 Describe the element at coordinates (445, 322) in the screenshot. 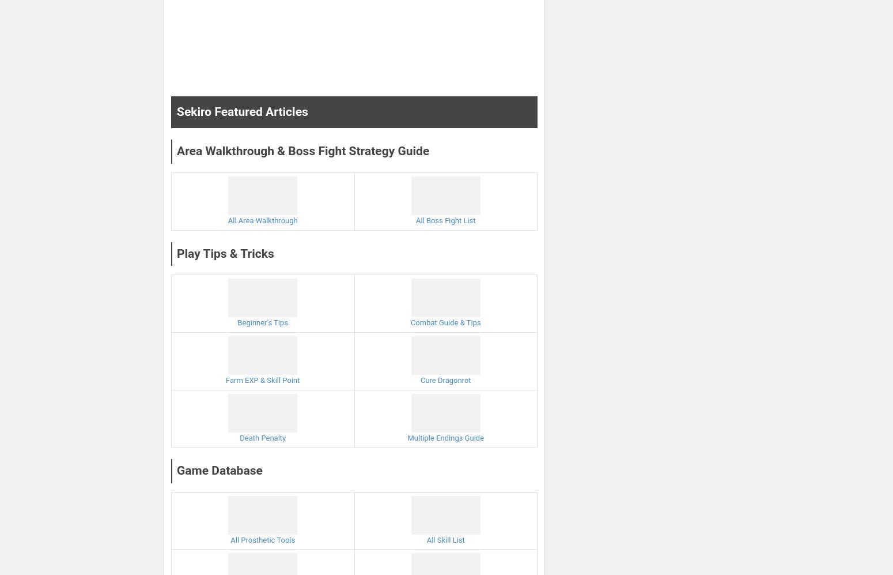

I see `'Combat Guide & Tips'` at that location.